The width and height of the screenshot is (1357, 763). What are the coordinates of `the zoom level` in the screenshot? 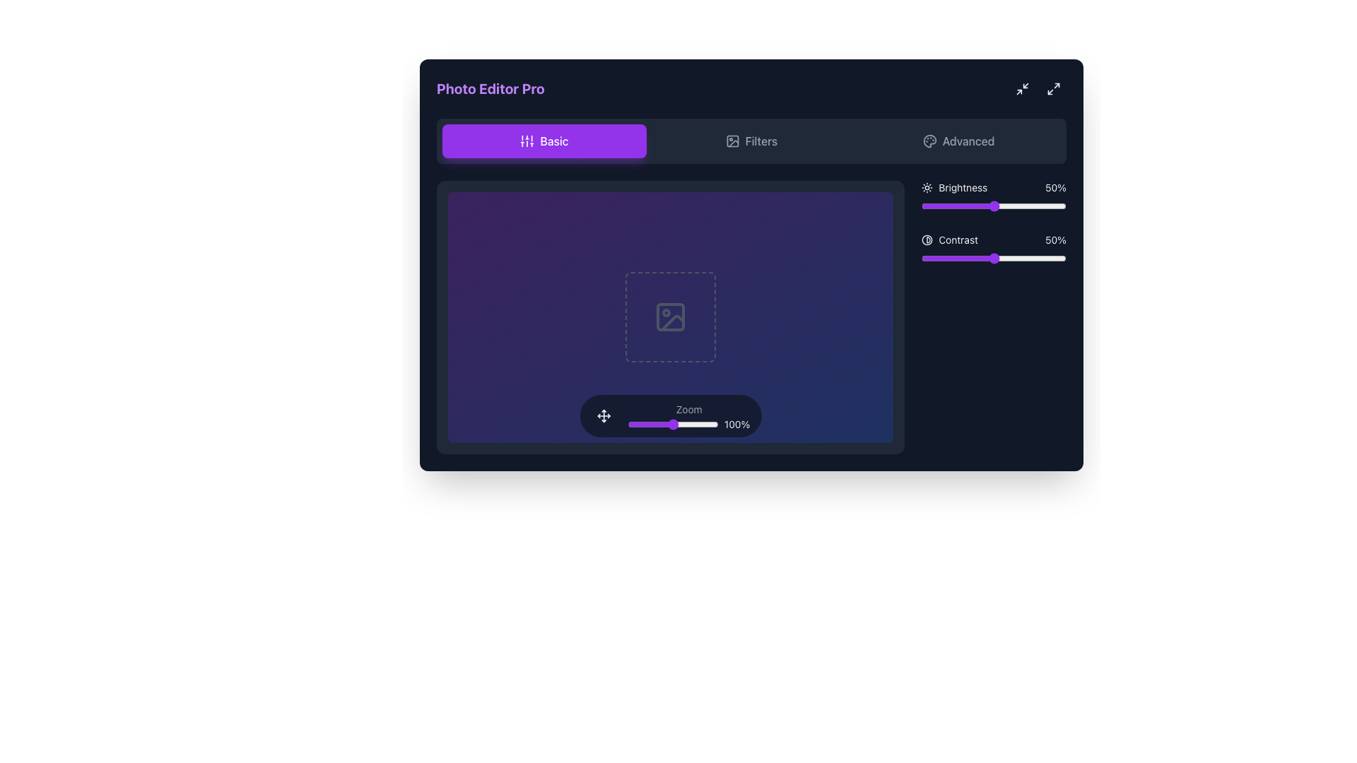 It's located at (636, 423).